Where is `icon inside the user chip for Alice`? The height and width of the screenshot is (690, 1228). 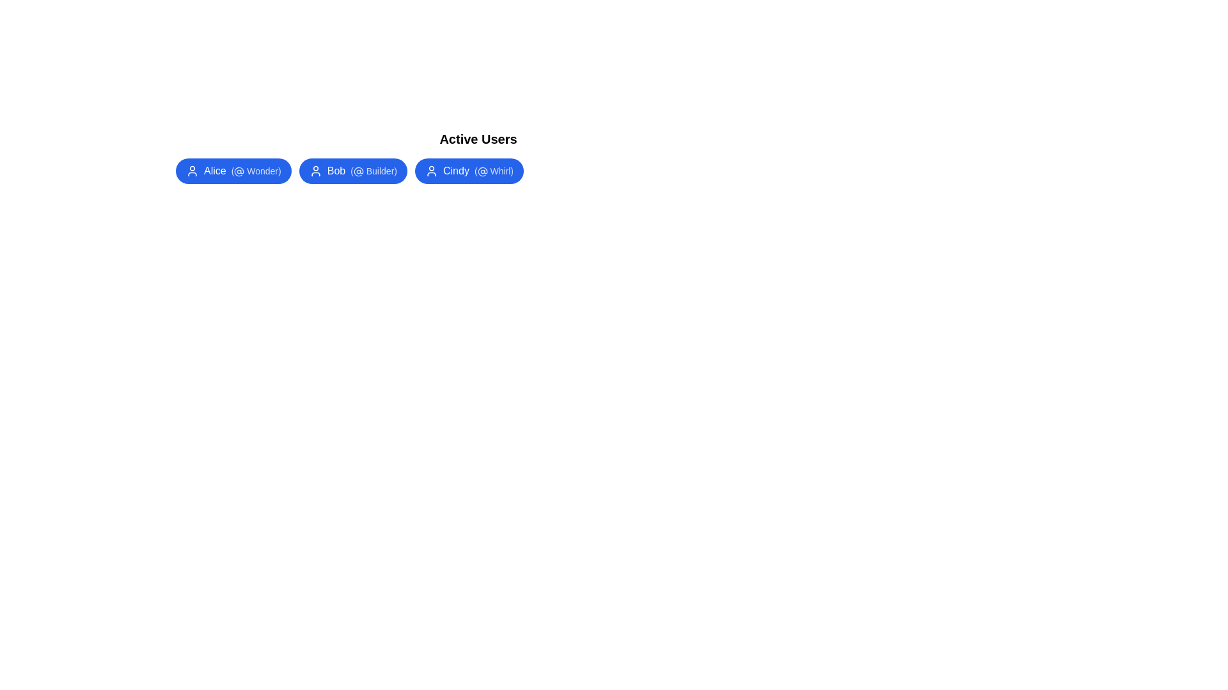
icon inside the user chip for Alice is located at coordinates (192, 170).